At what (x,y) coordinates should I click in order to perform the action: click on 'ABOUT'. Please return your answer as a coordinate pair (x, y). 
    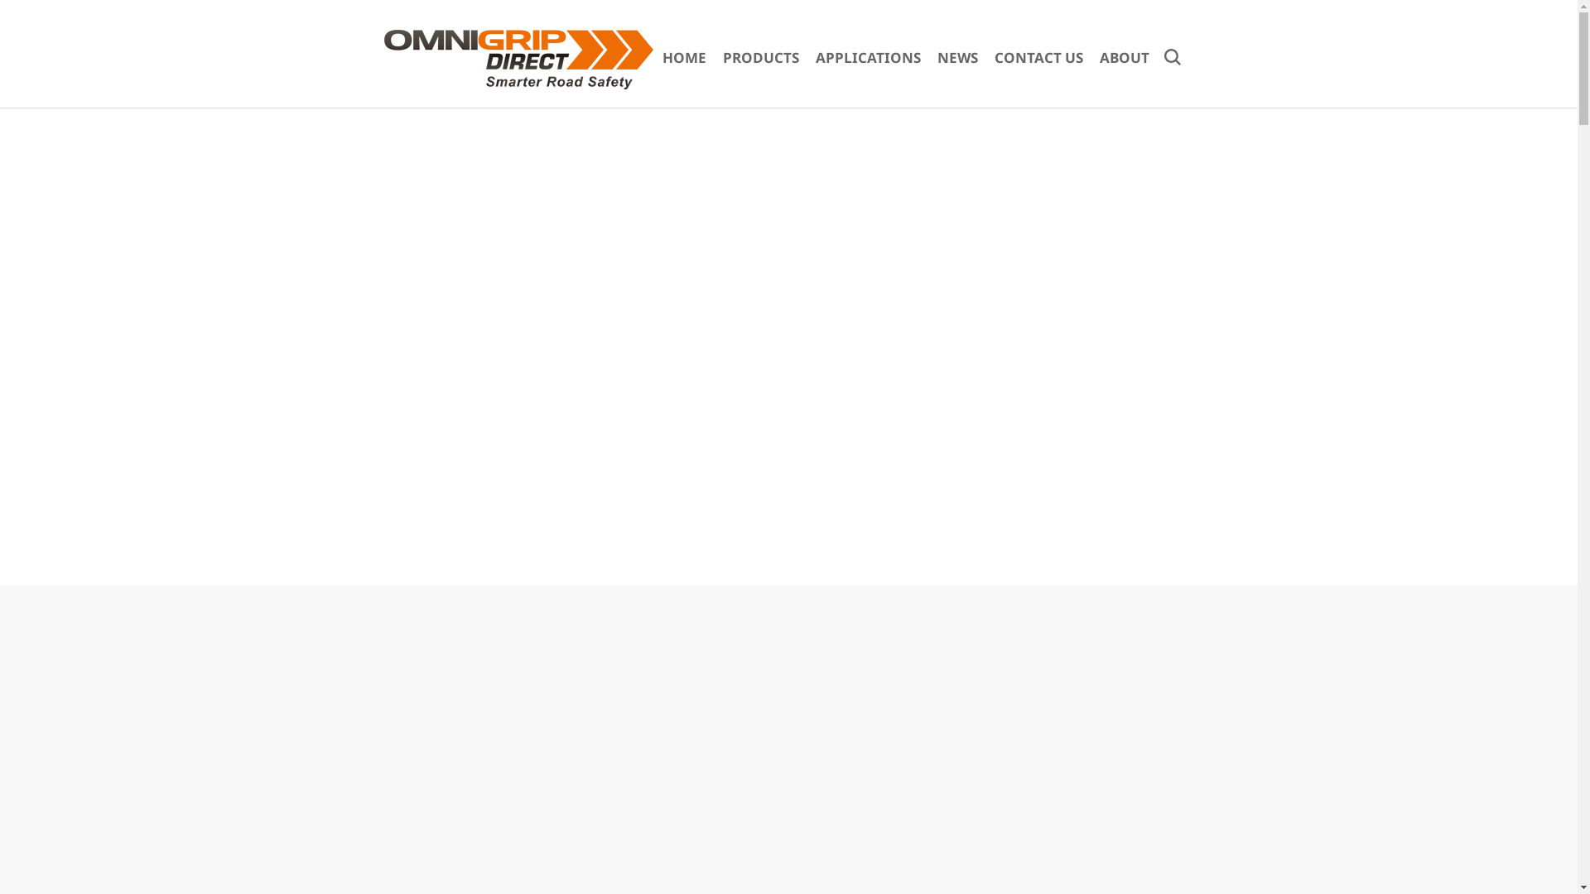
    Looking at the image, I should click on (1125, 56).